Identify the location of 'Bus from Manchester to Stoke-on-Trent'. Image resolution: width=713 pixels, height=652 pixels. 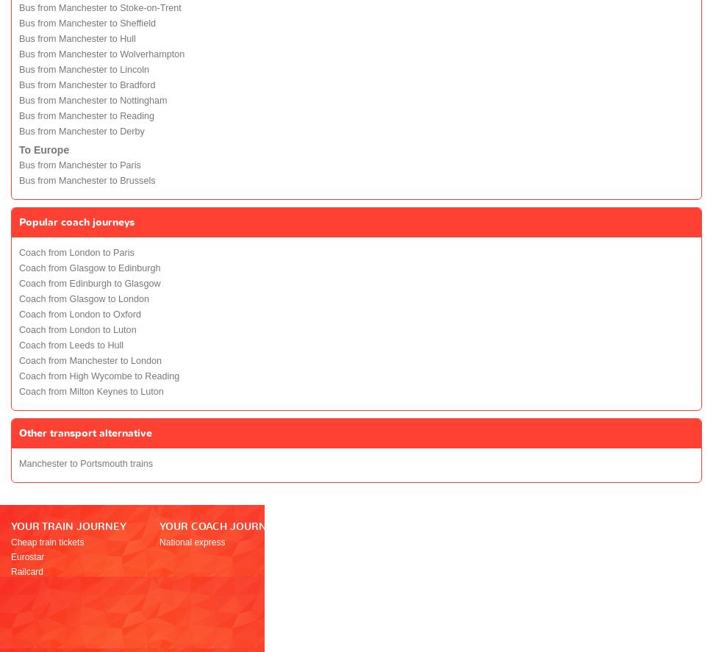
(18, 7).